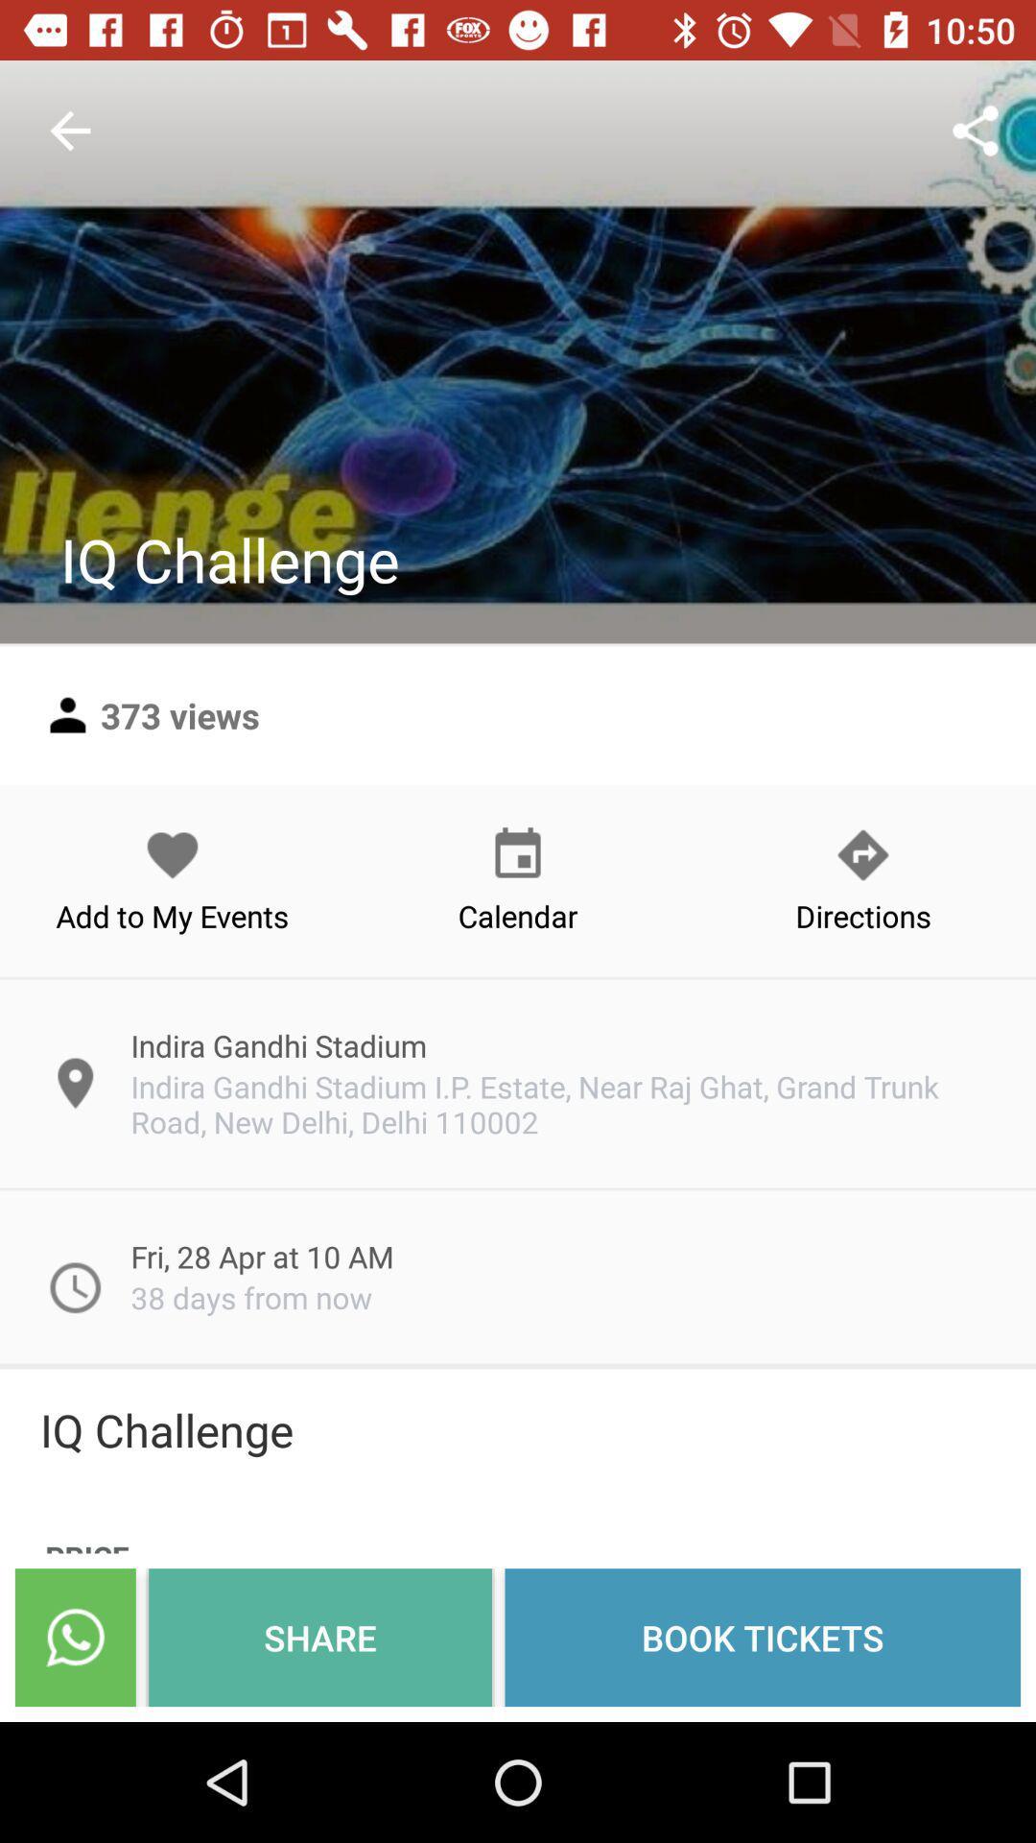 The width and height of the screenshot is (1036, 1843). I want to click on directions icon, so click(861, 879).